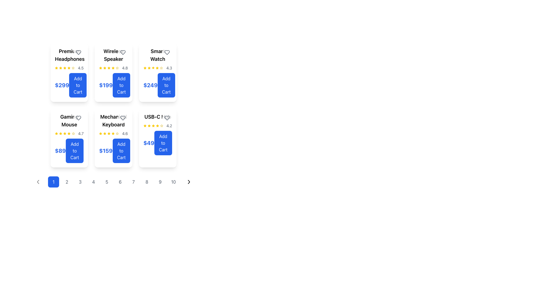 Image resolution: width=533 pixels, height=300 pixels. Describe the element at coordinates (150, 85) in the screenshot. I see `the price label for the 'Smart Watch' product, which displays the cost and is located above the 'Add to Cart' button in the upper-middle grid of product cards` at that location.